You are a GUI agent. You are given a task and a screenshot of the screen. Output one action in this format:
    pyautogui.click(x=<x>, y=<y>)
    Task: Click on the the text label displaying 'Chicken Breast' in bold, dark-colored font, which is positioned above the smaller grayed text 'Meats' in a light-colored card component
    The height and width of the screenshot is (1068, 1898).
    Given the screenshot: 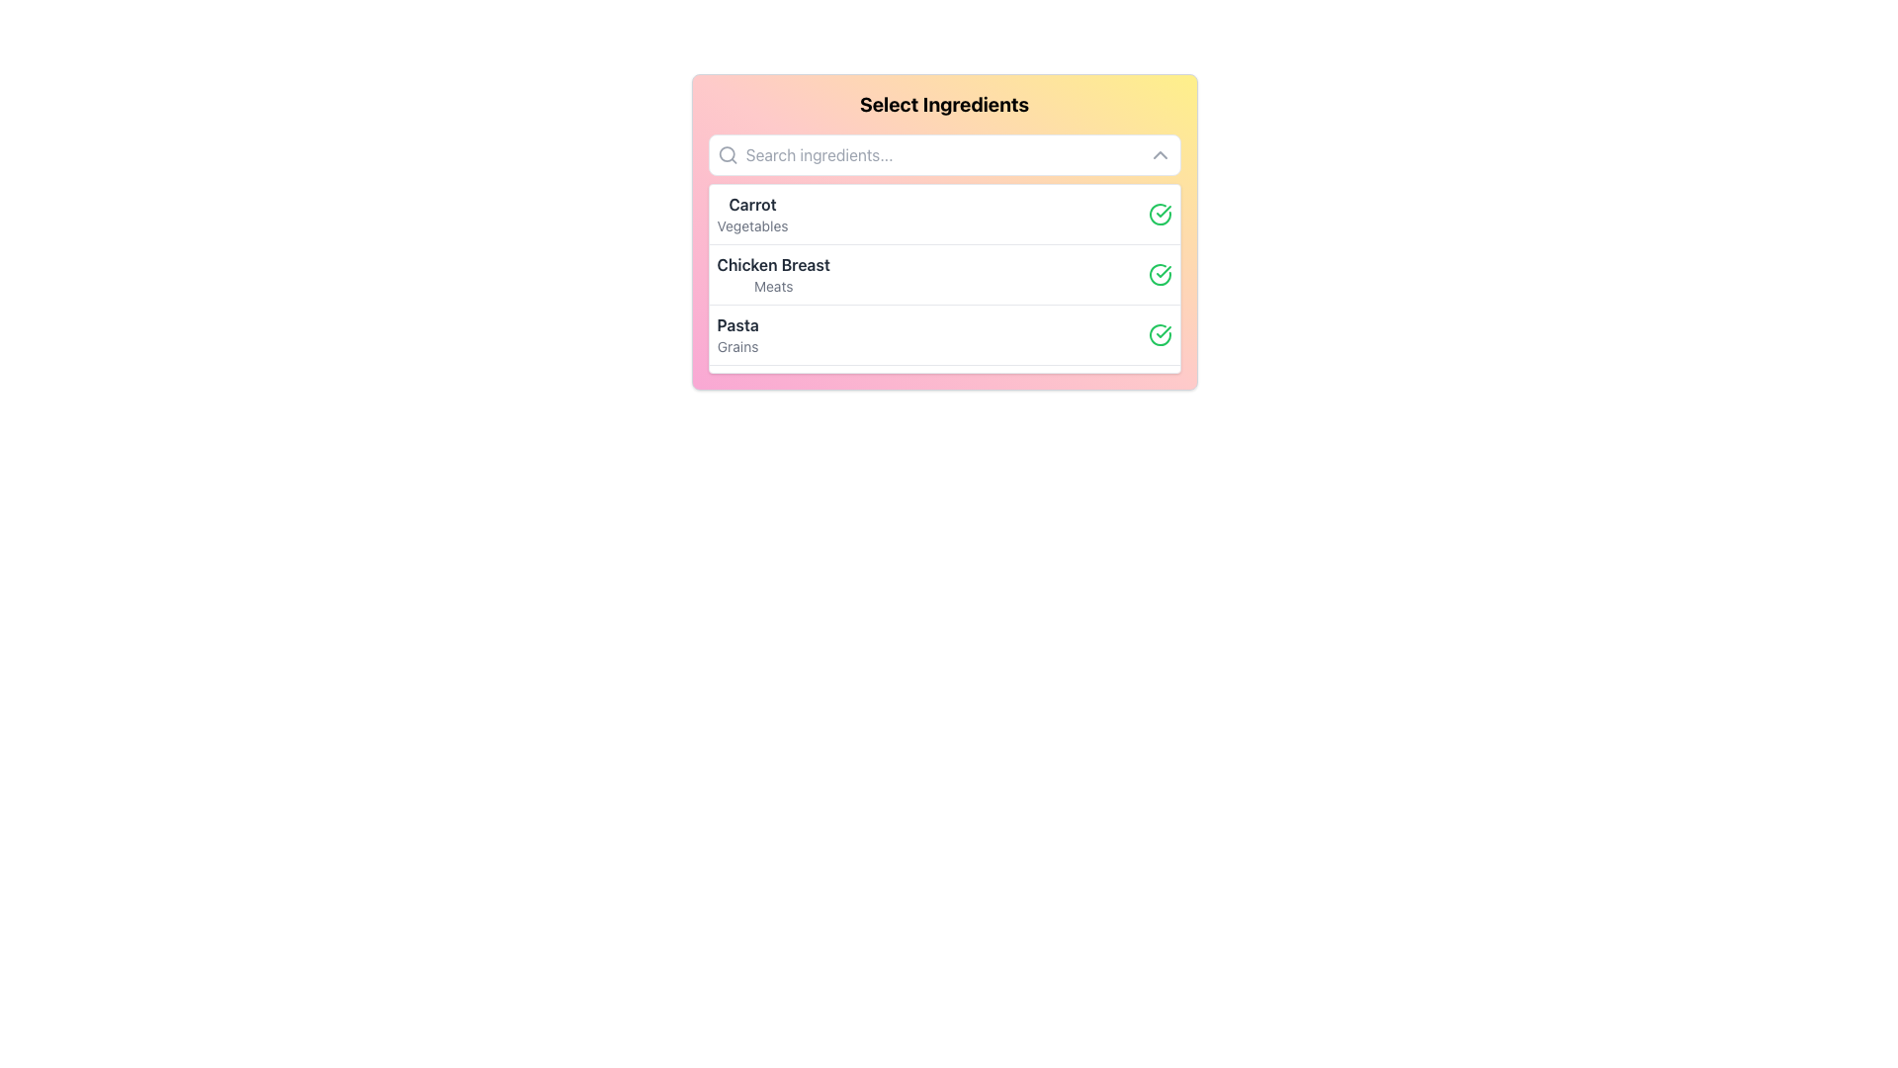 What is the action you would take?
    pyautogui.click(x=772, y=263)
    